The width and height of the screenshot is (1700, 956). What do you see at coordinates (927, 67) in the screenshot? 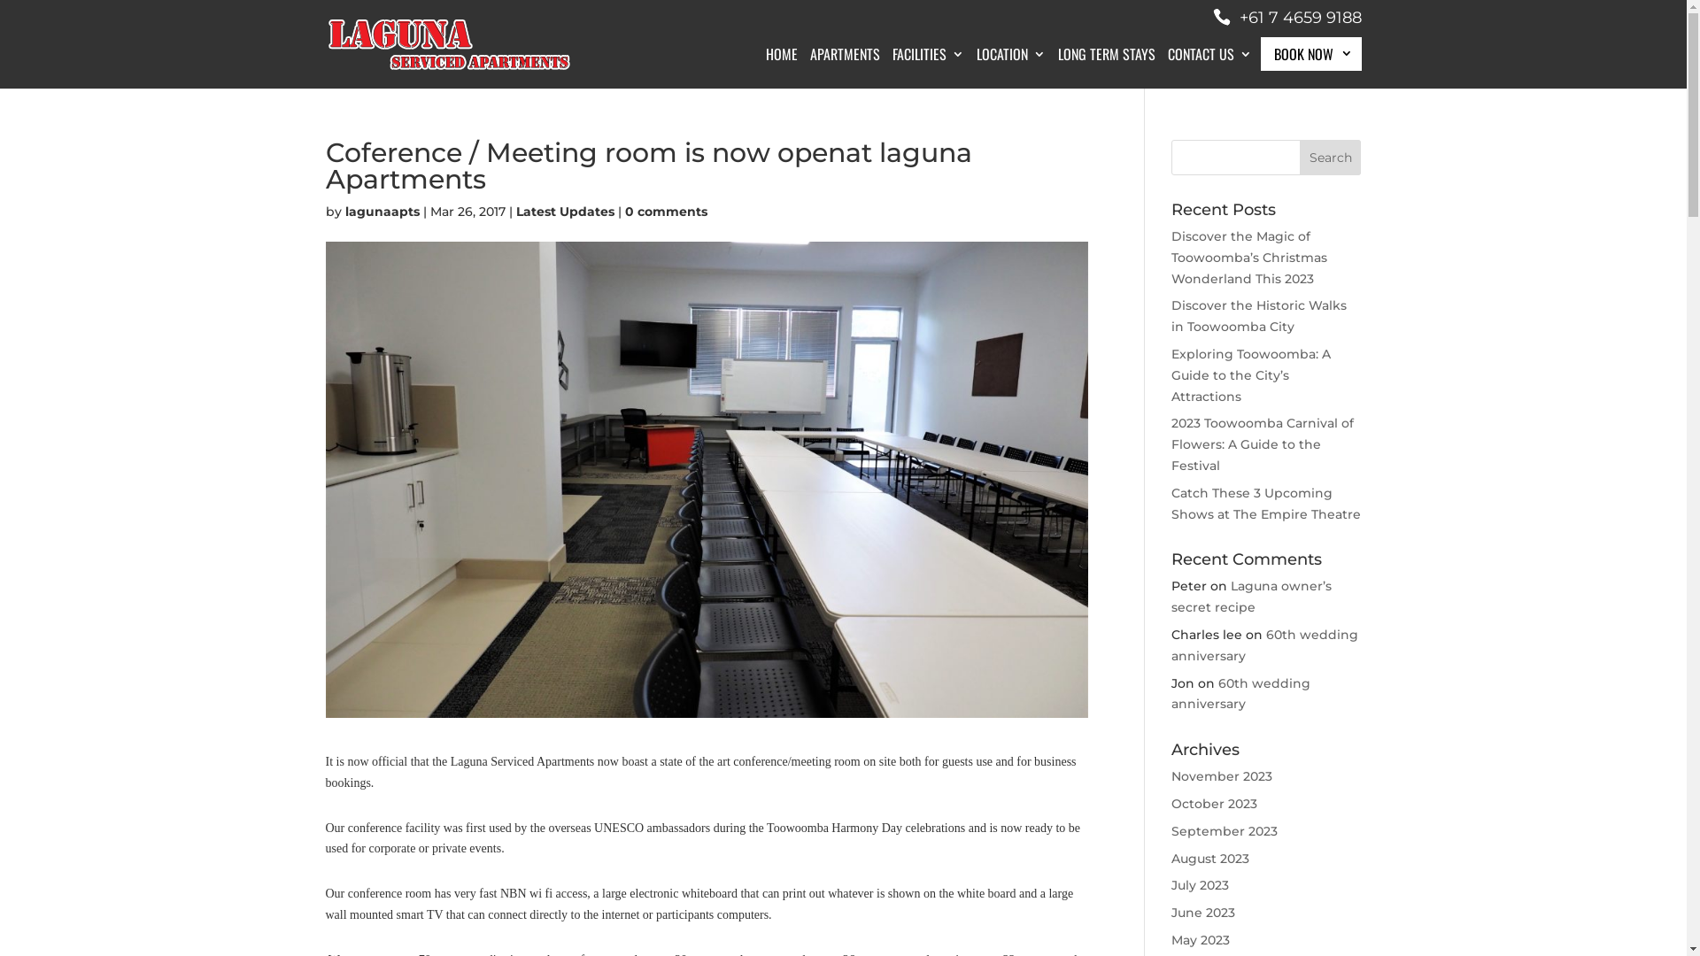
I see `'FACILITIES'` at bounding box center [927, 67].